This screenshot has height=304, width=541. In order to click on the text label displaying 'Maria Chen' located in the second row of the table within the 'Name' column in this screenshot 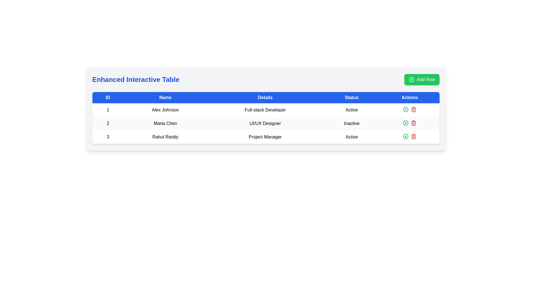, I will do `click(165, 123)`.